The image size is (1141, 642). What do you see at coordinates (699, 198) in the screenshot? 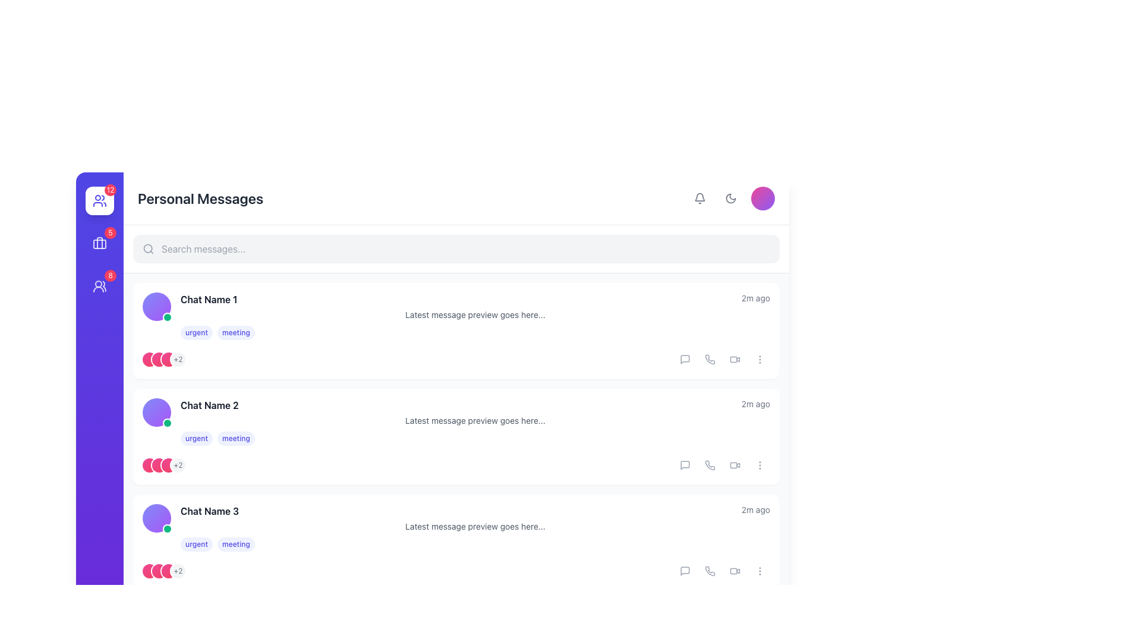
I see `the notification icon (bell) located in the top-right corner of the interface` at bounding box center [699, 198].